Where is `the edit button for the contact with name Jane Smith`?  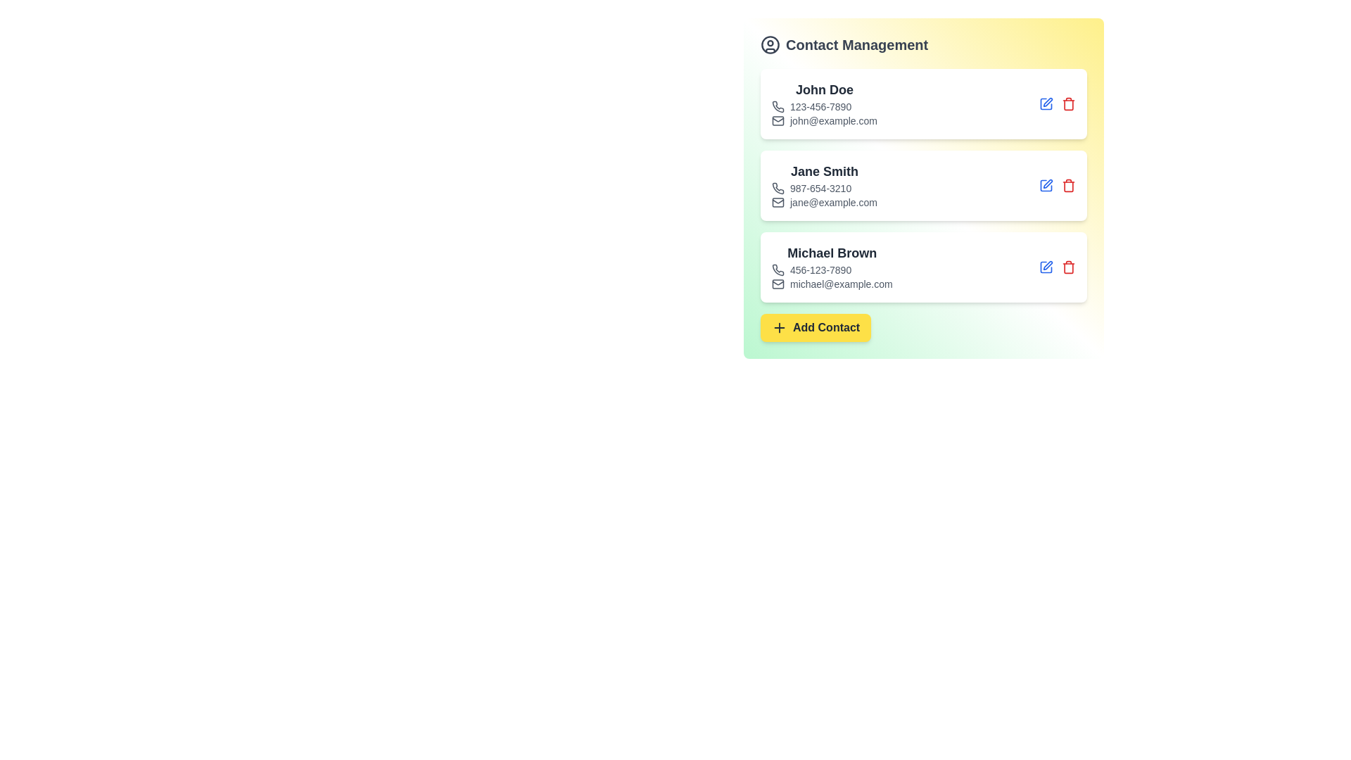 the edit button for the contact with name Jane Smith is located at coordinates (1046, 184).